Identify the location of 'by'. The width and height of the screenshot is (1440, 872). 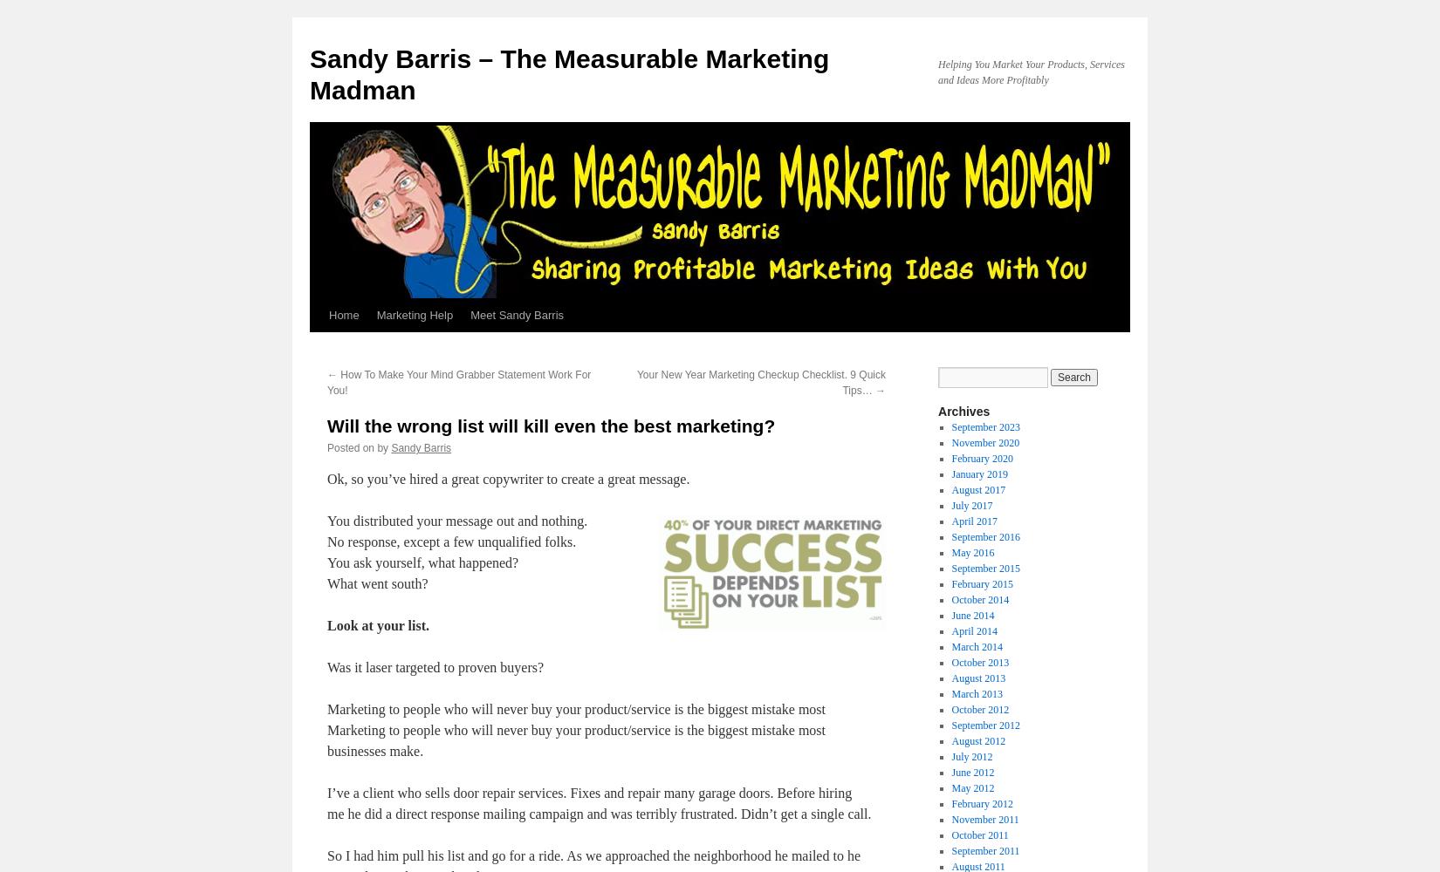
(381, 448).